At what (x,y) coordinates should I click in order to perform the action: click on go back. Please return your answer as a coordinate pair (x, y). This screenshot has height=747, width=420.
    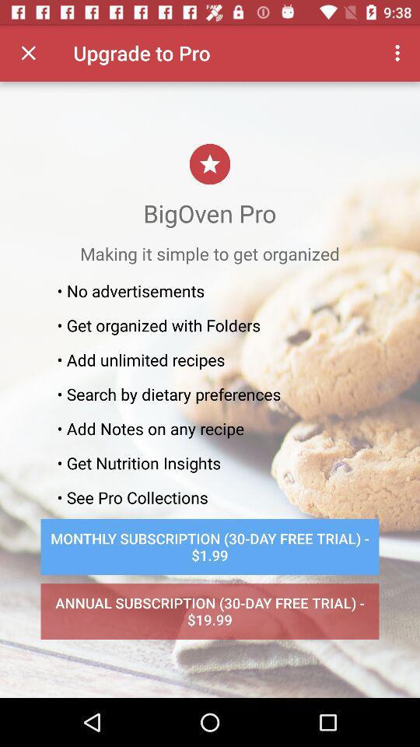
    Looking at the image, I should click on (28, 53).